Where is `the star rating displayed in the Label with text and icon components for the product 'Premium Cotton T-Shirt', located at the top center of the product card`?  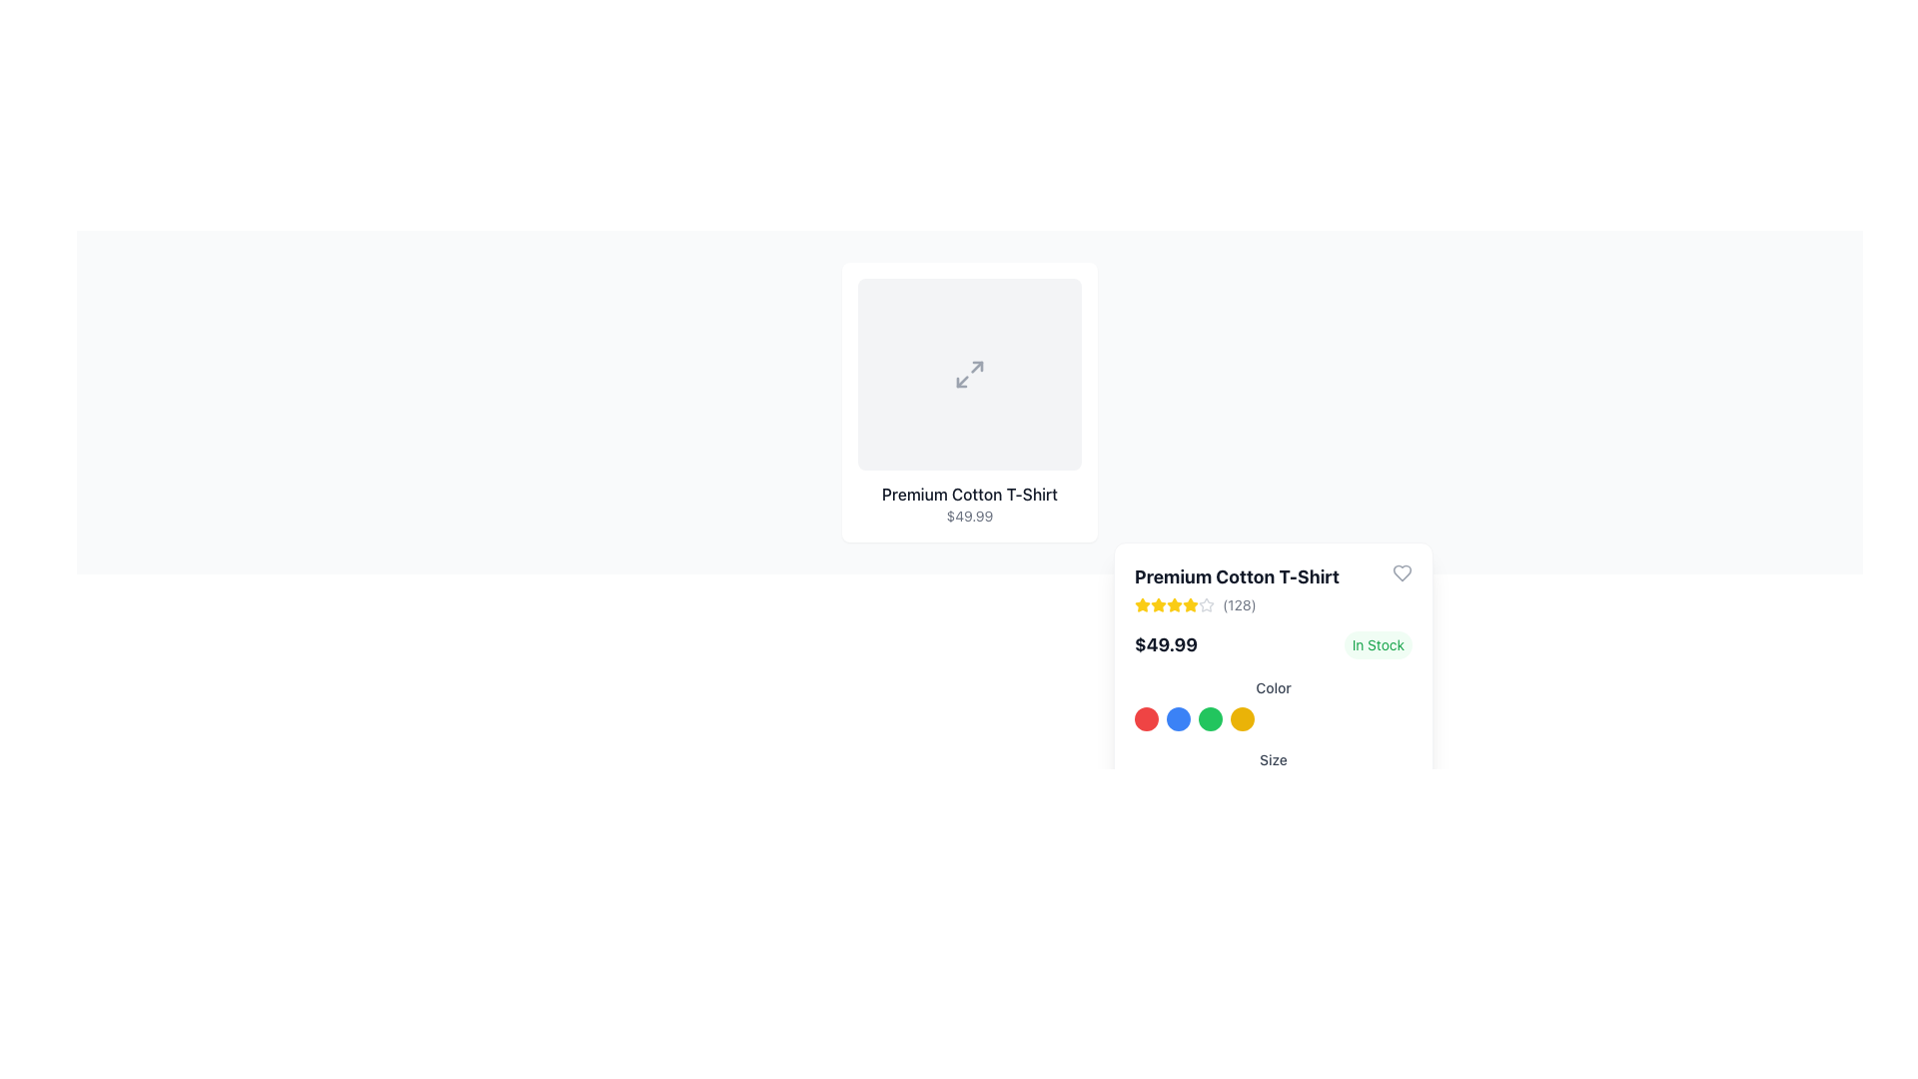
the star rating displayed in the Label with text and icon components for the product 'Premium Cotton T-Shirt', located at the top center of the product card is located at coordinates (1236, 588).